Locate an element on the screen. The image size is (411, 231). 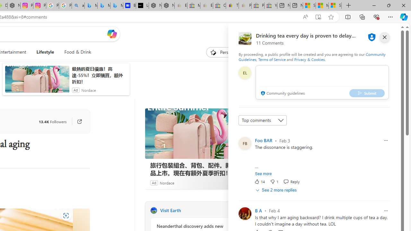
'Privacy & Cookies' is located at coordinates (310, 59).